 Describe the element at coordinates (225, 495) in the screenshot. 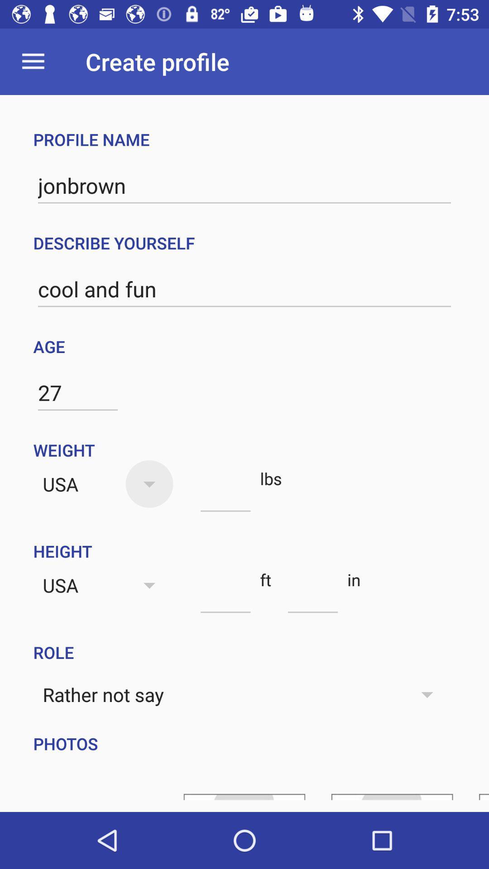

I see `icon above the height item` at that location.